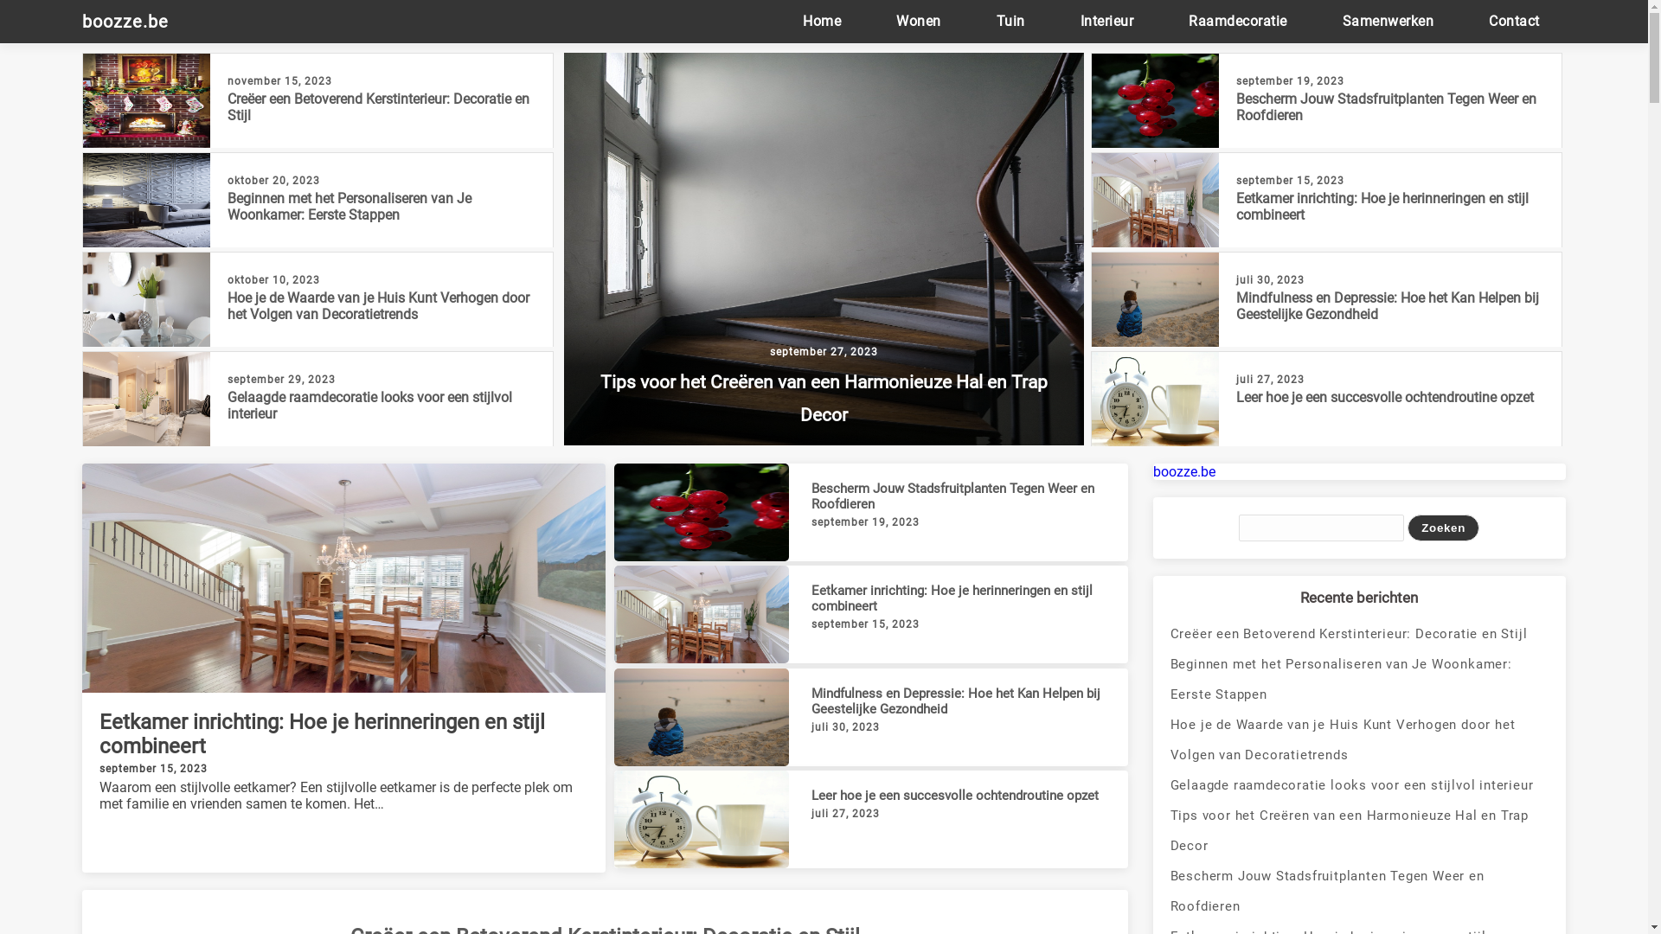 This screenshot has height=934, width=1661. What do you see at coordinates (917, 21) in the screenshot?
I see `'Wonen'` at bounding box center [917, 21].